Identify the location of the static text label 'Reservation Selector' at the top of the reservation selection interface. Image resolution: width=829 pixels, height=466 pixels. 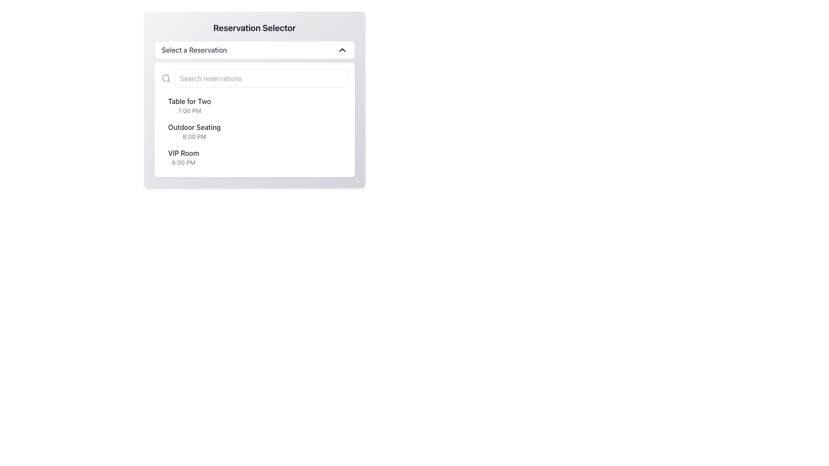
(254, 28).